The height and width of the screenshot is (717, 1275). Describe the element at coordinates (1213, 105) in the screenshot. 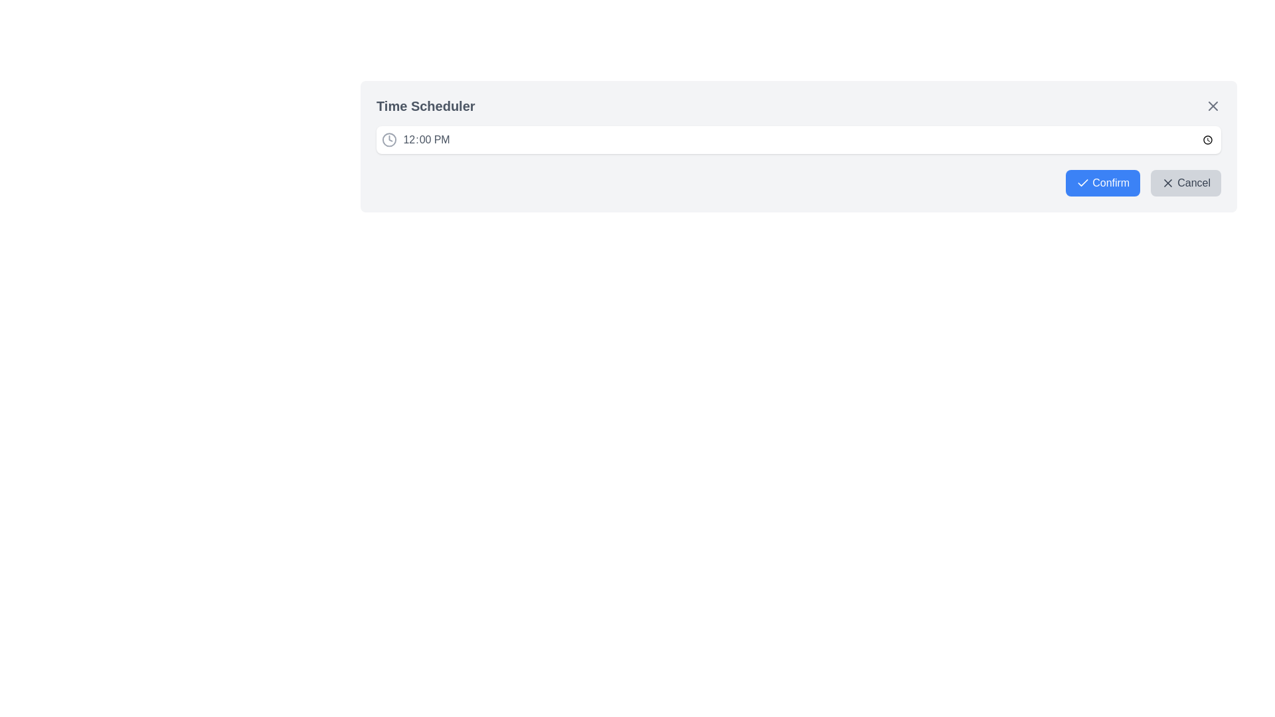

I see `the 'X' icon of the close button located at the top-right corner of the 'Time Scheduler' dialog` at that location.